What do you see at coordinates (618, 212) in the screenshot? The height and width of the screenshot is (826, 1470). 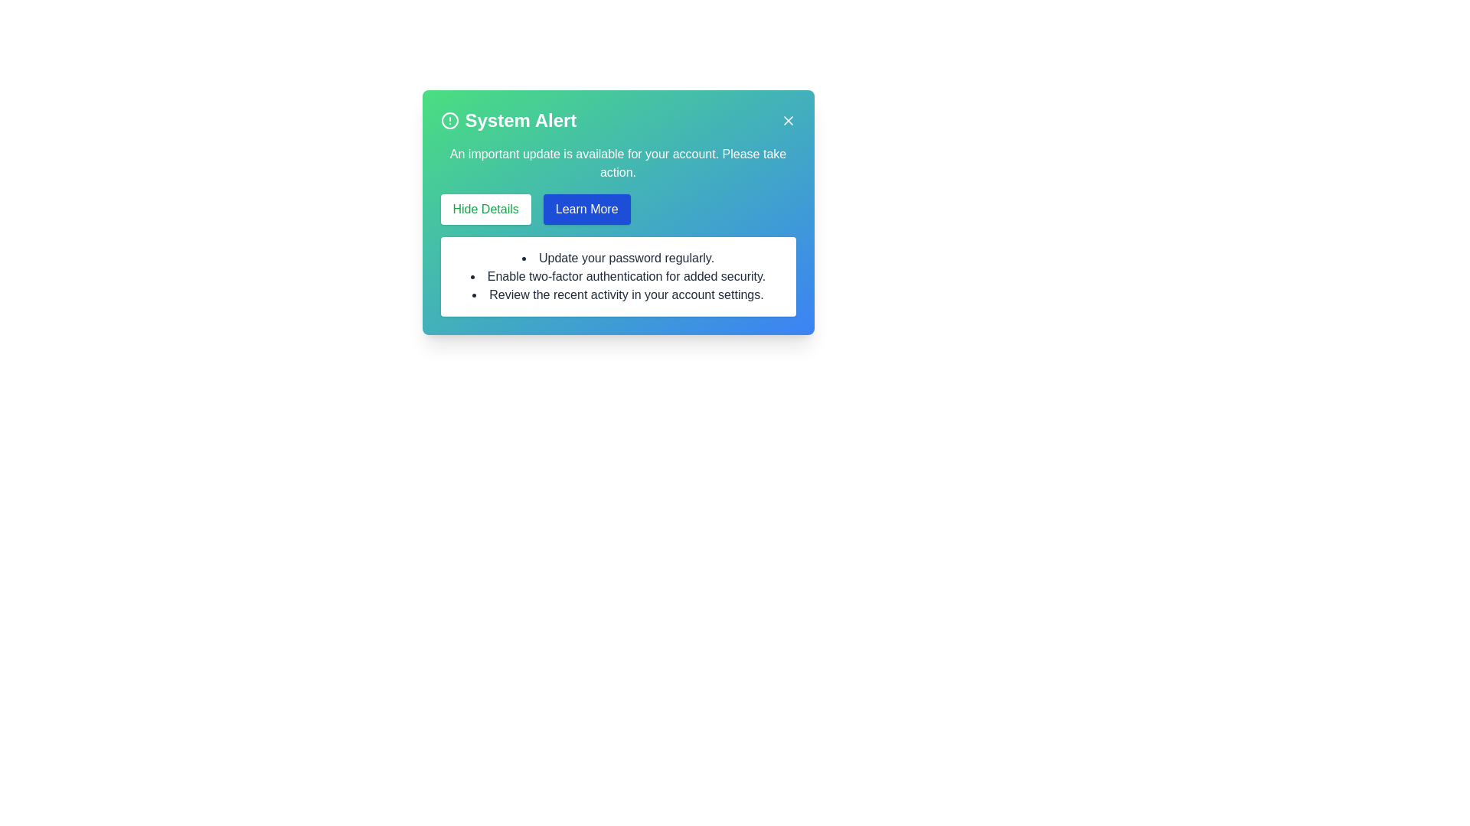 I see `the blue 'Learn More' button with rounded corners and white bold text, located within a notification modal` at bounding box center [618, 212].